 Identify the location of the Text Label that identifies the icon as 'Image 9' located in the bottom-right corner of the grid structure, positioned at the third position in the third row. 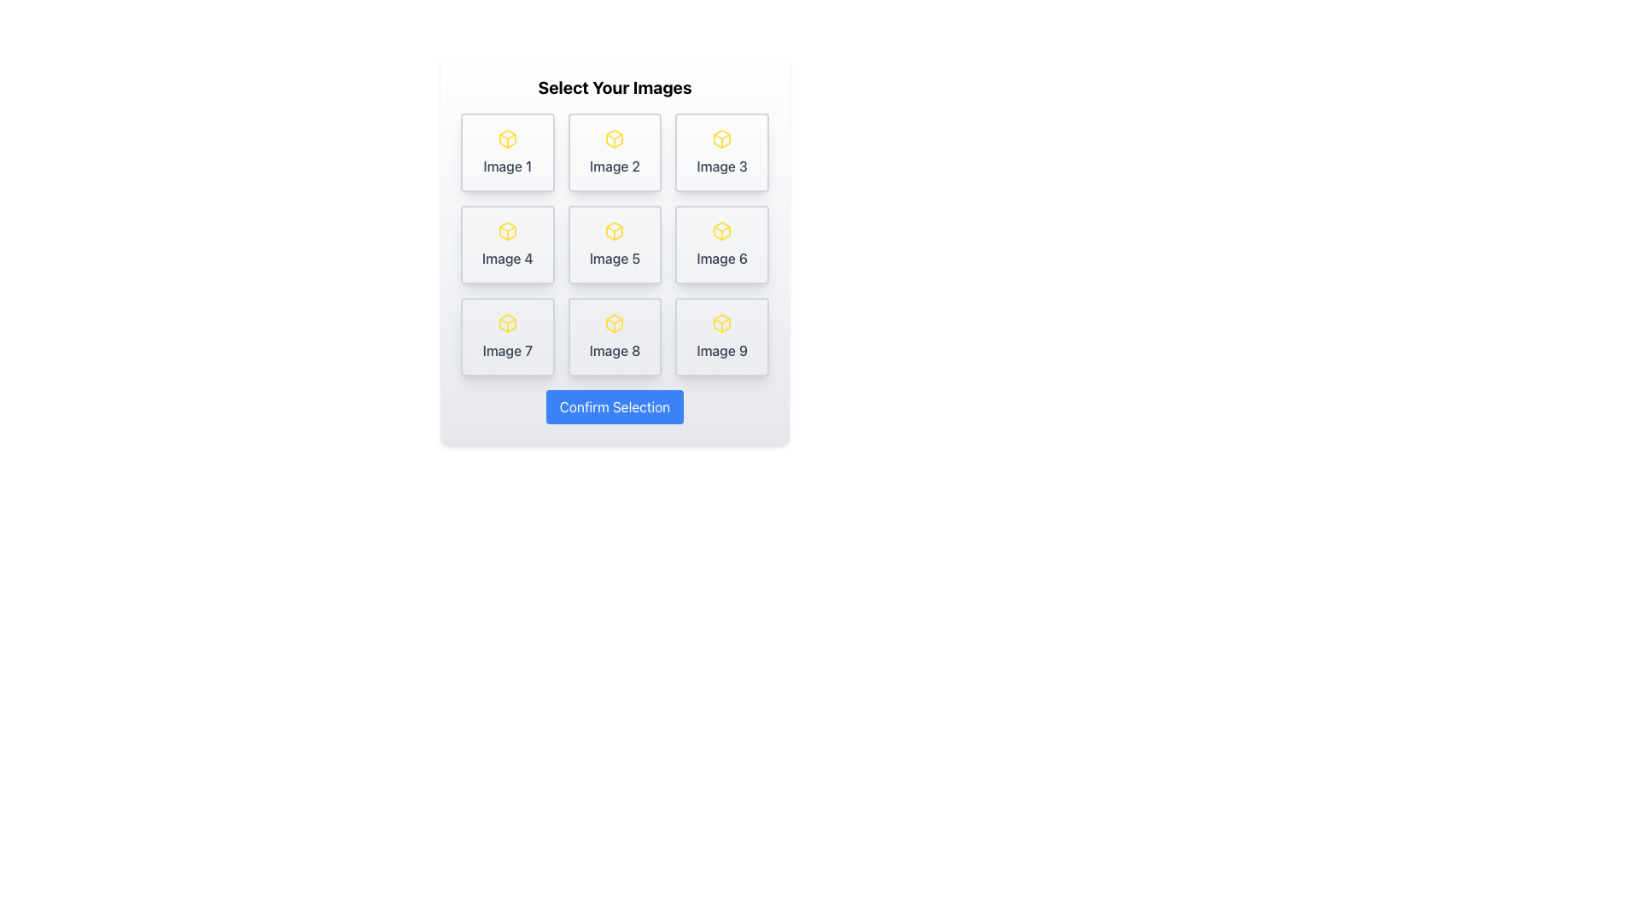
(722, 350).